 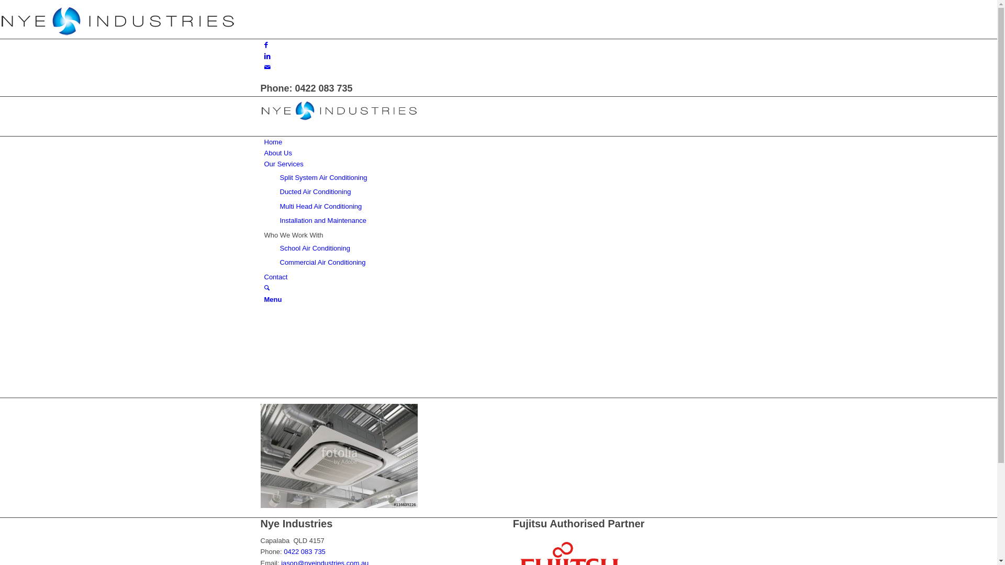 What do you see at coordinates (314, 191) in the screenshot?
I see `'Ducted Air Conditioning'` at bounding box center [314, 191].